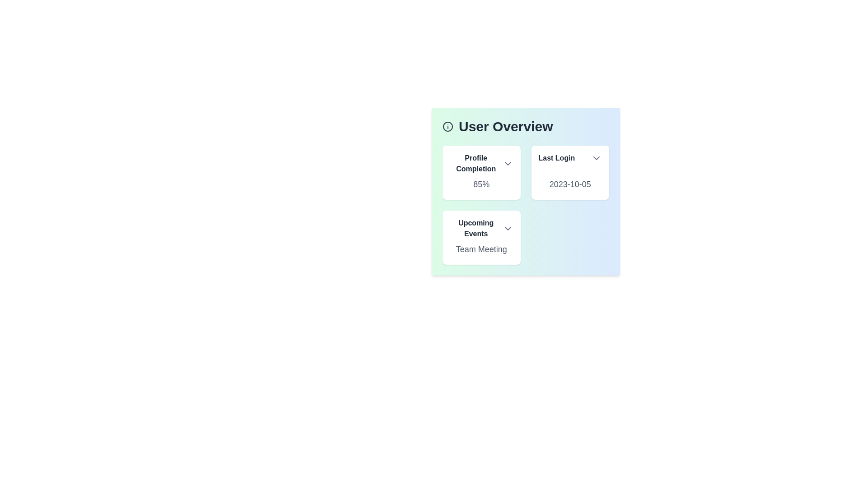  What do you see at coordinates (526, 127) in the screenshot?
I see `the 'User Overview' header section title, which features bold text and an information circle icon to the left, located at the top of the section with a light gradient background` at bounding box center [526, 127].